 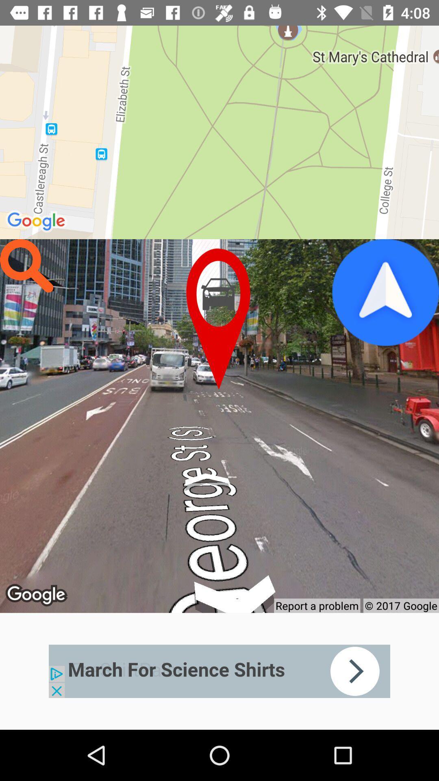 I want to click on click on advertisements, so click(x=219, y=671).